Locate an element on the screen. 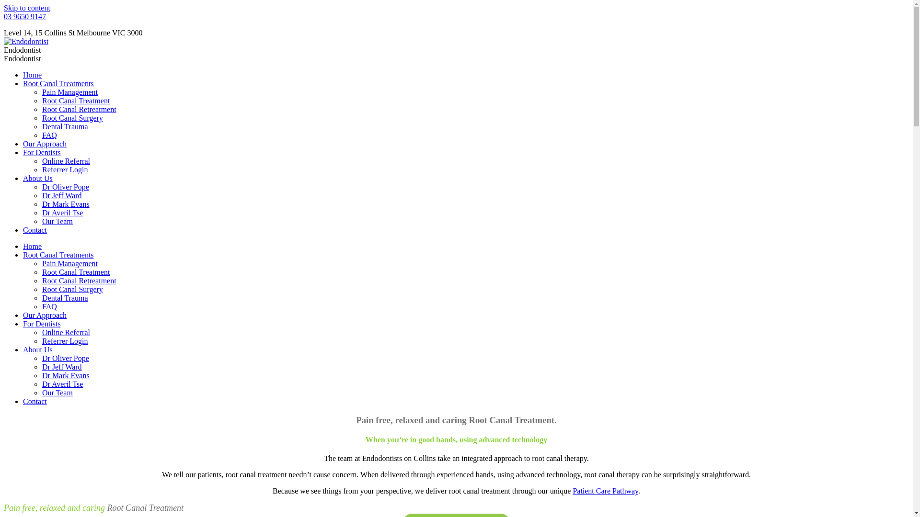 This screenshot has height=517, width=920. 'FAQ' is located at coordinates (49, 306).